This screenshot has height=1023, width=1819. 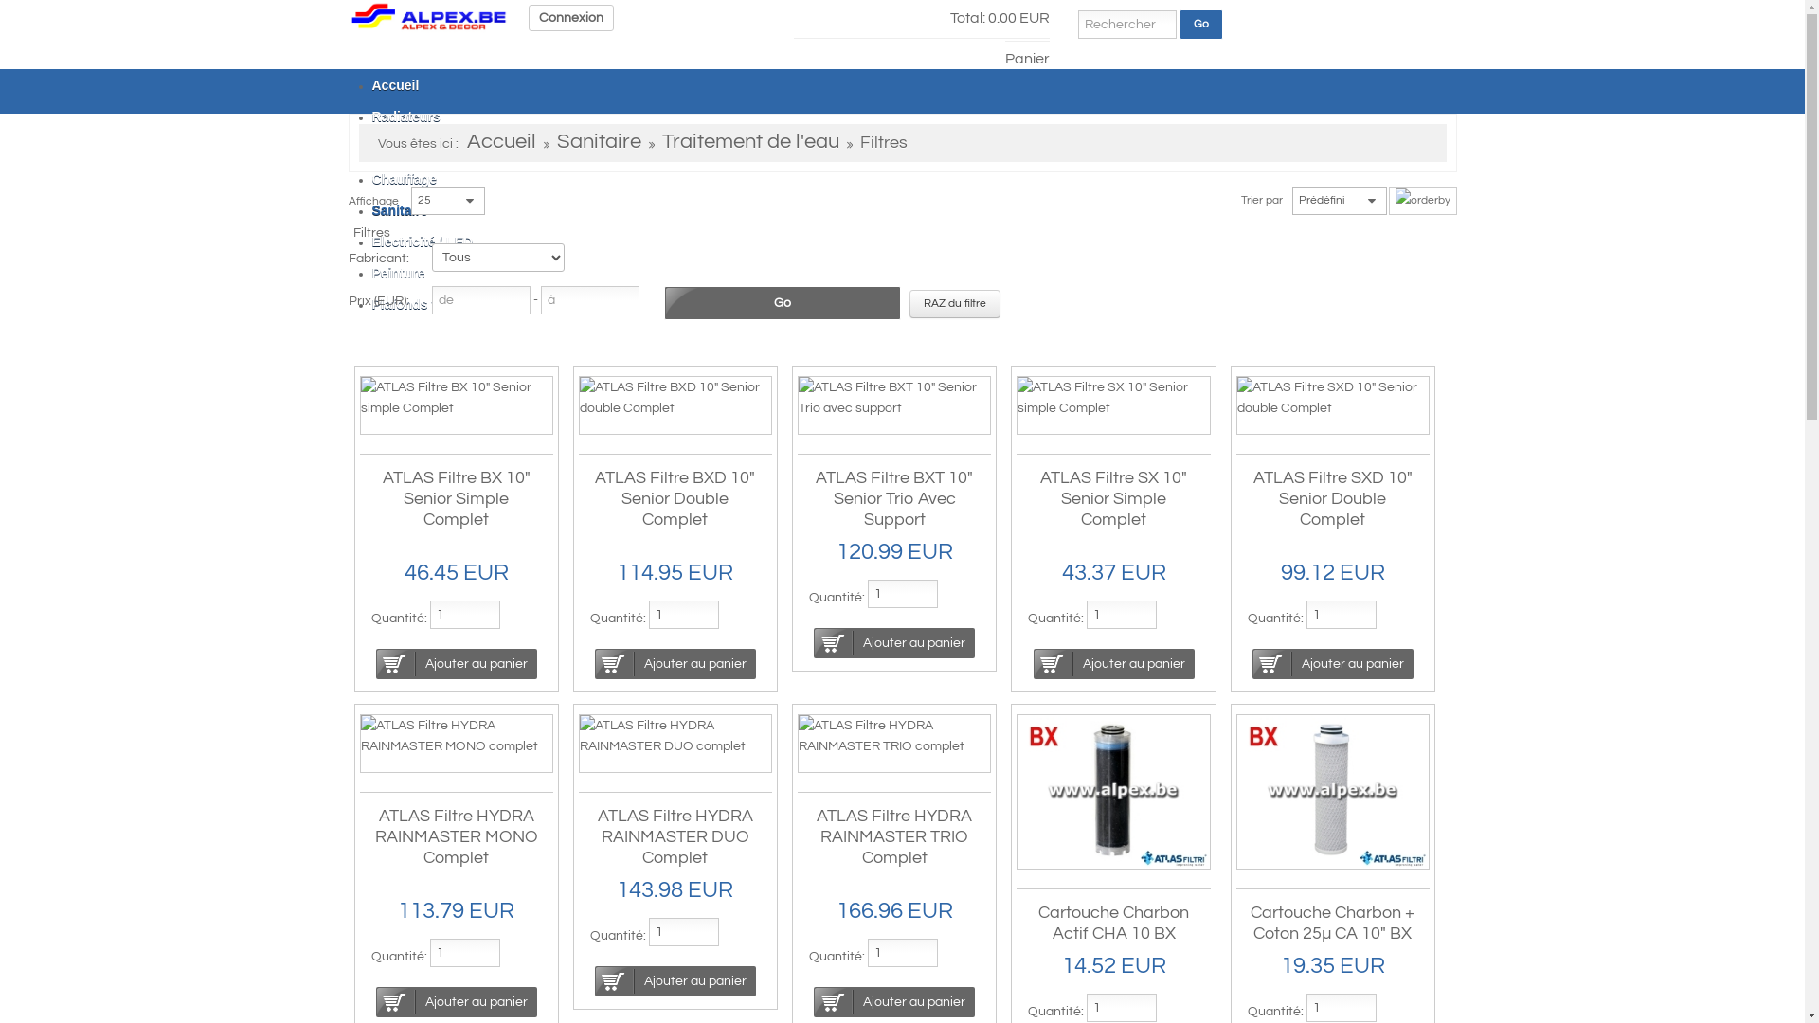 I want to click on 'Ajouter au panier', so click(x=675, y=663).